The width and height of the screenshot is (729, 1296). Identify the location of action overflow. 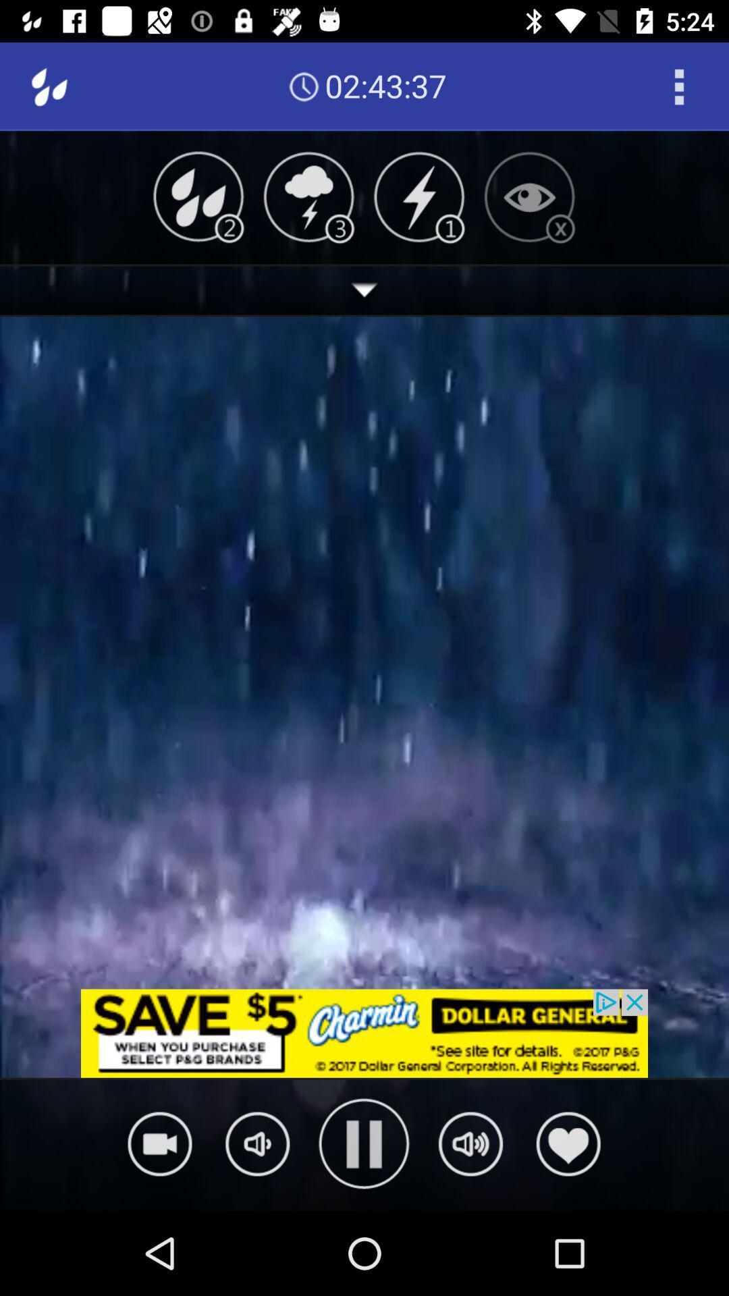
(679, 86).